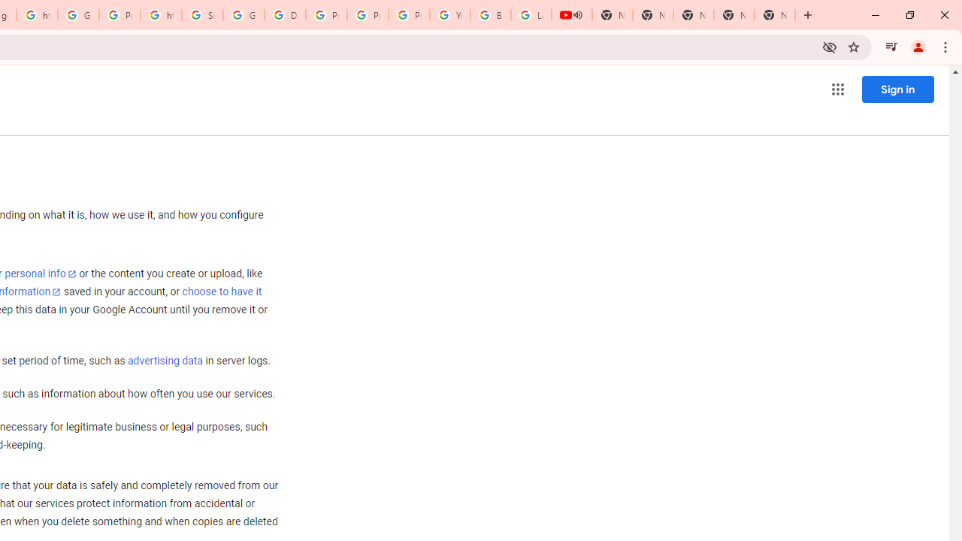  What do you see at coordinates (490, 15) in the screenshot?
I see `'Browse Chrome as a guest - Computer - Google Chrome Help'` at bounding box center [490, 15].